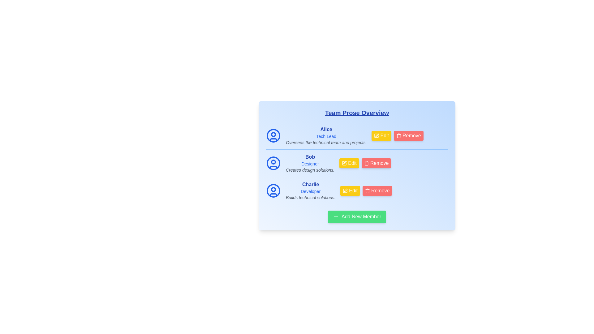 This screenshot has height=334, width=594. Describe the element at coordinates (311, 184) in the screenshot. I see `the text label displaying 'Charlie', which is styled in bold blue font and positioned above the text 'Developer'` at that location.